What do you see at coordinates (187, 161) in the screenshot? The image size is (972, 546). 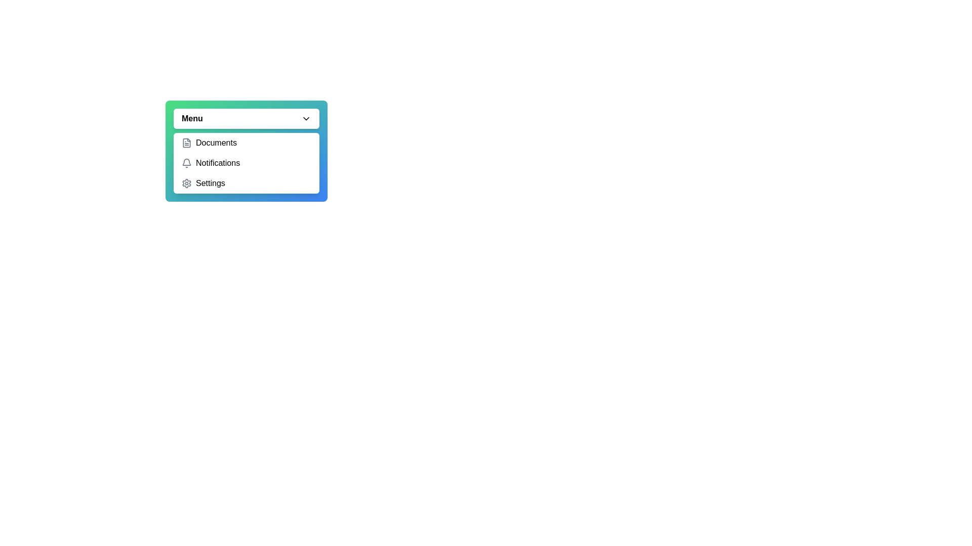 I see `the upper portion of the bell icon in the dropdown list, which indicates alerts or updates, if it is interactive` at bounding box center [187, 161].